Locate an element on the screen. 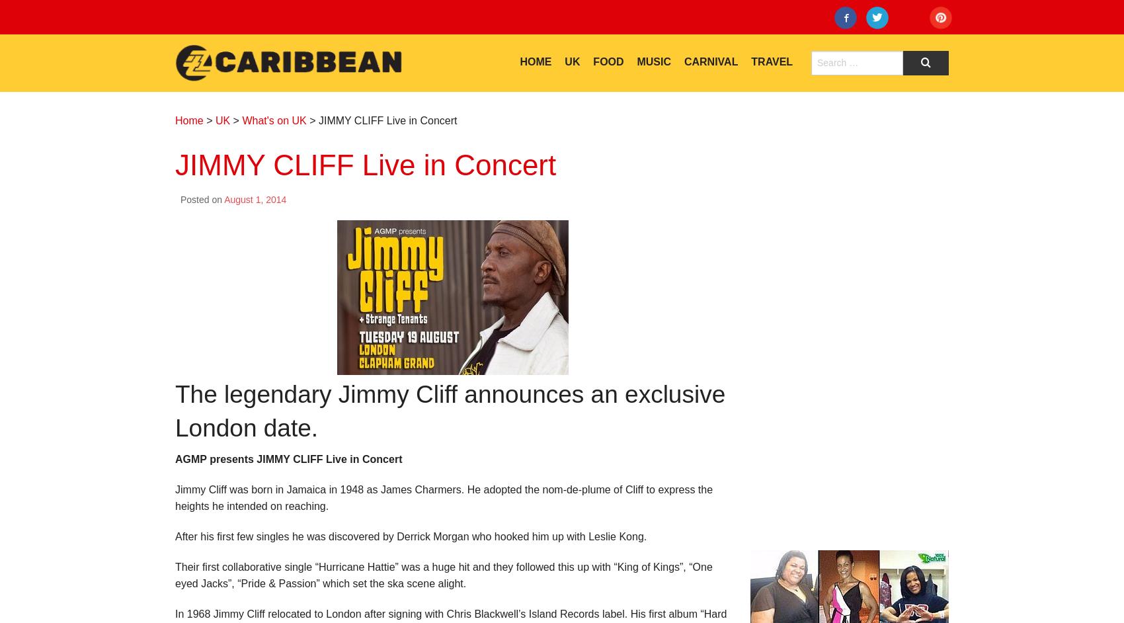 This screenshot has width=1124, height=623. 'Carnival' is located at coordinates (711, 61).